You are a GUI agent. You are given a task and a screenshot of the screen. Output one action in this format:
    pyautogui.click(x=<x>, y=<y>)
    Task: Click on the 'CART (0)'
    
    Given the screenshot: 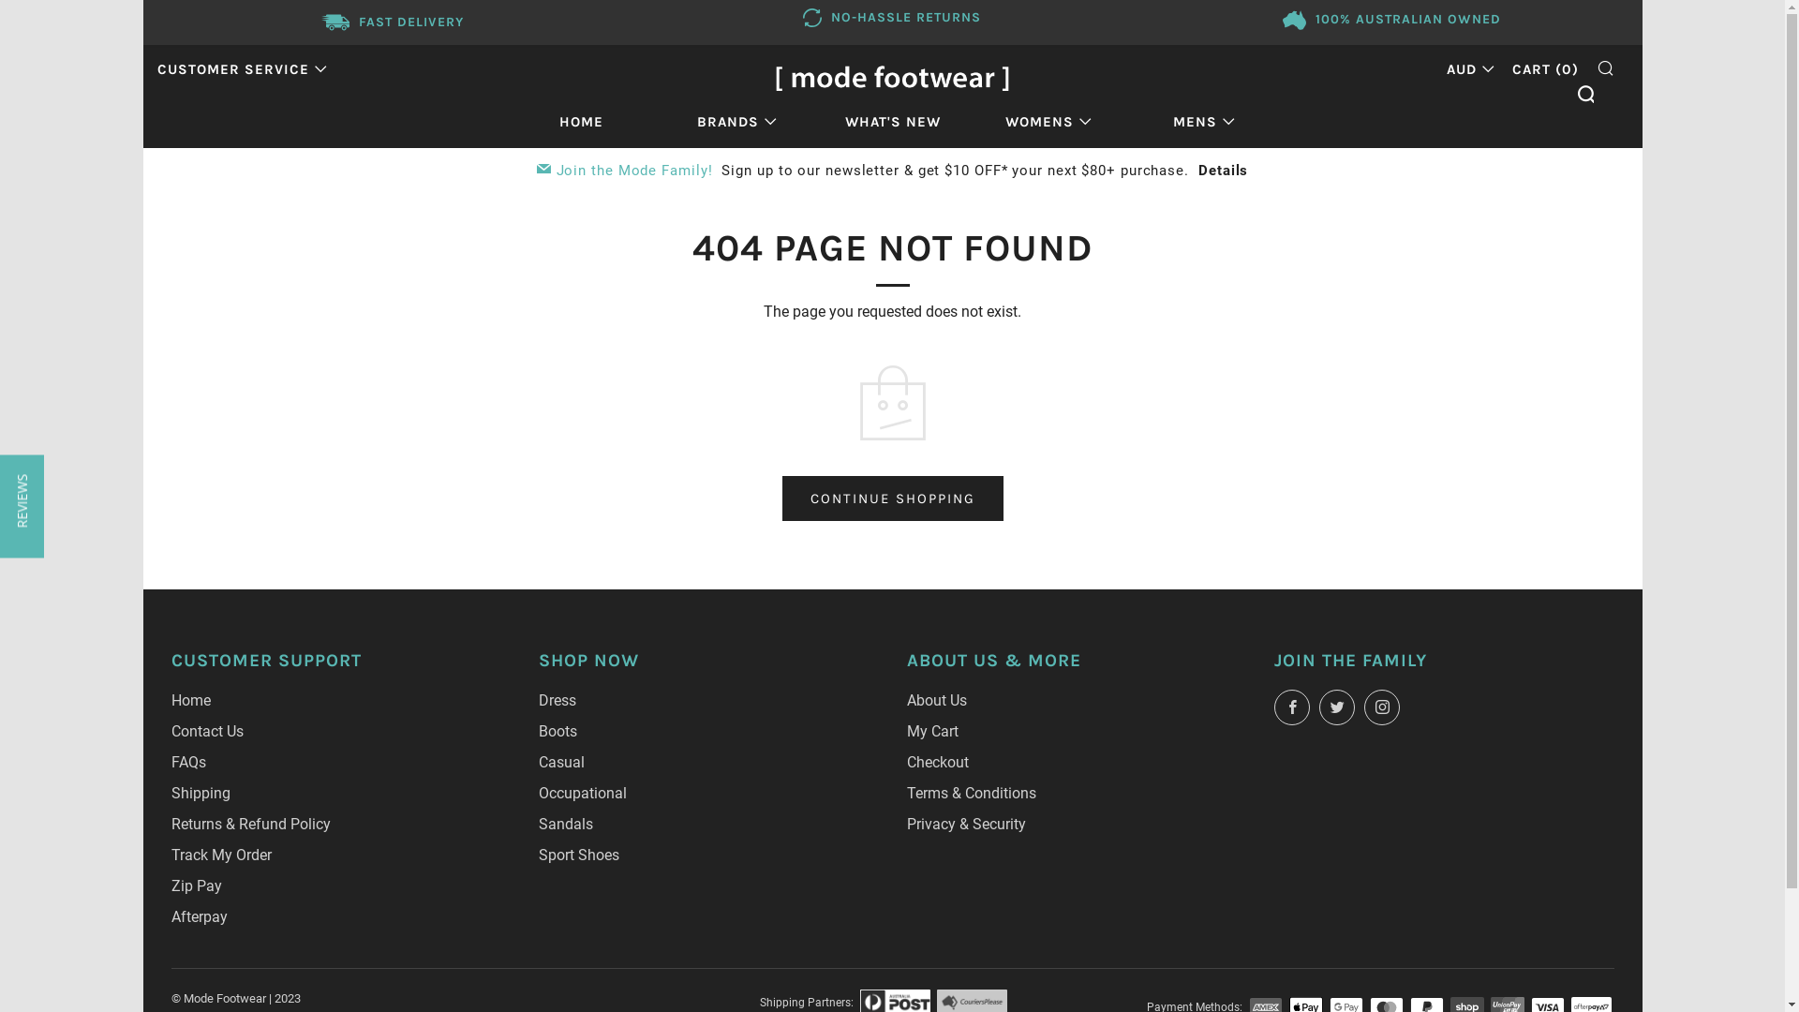 What is the action you would take?
    pyautogui.click(x=1511, y=67)
    